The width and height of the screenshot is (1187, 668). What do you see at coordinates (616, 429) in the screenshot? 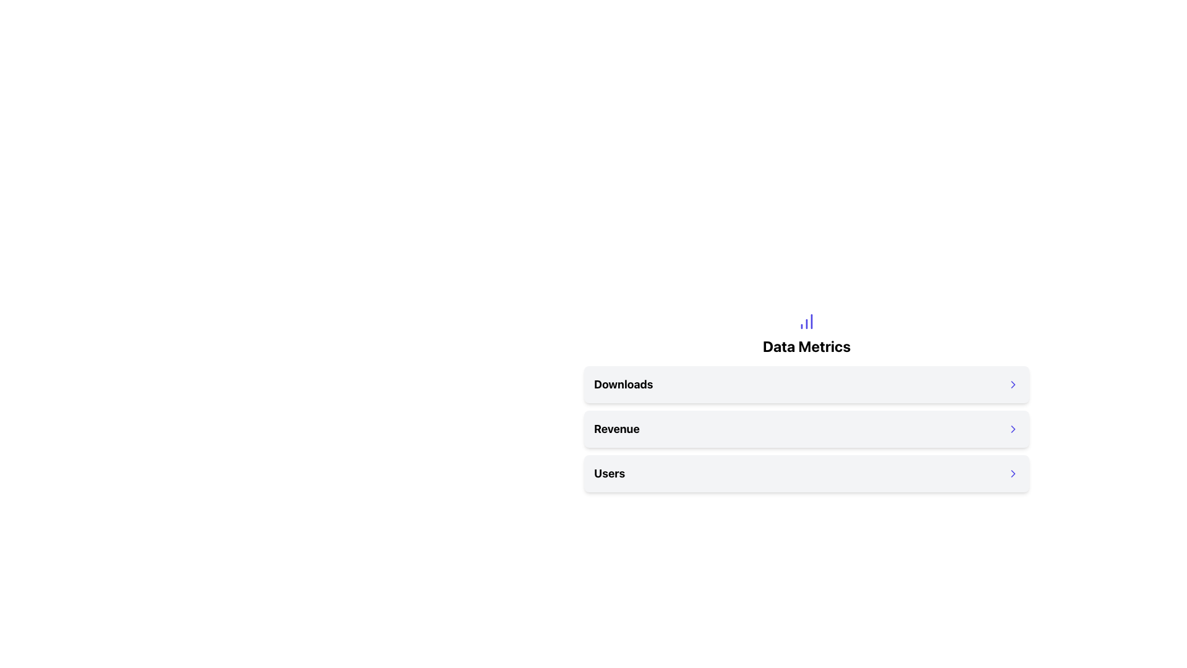
I see `the bold text label displaying 'Revenue', which is positioned between the 'Downloads' label above and the 'Users' label below in a vertical list` at bounding box center [616, 429].